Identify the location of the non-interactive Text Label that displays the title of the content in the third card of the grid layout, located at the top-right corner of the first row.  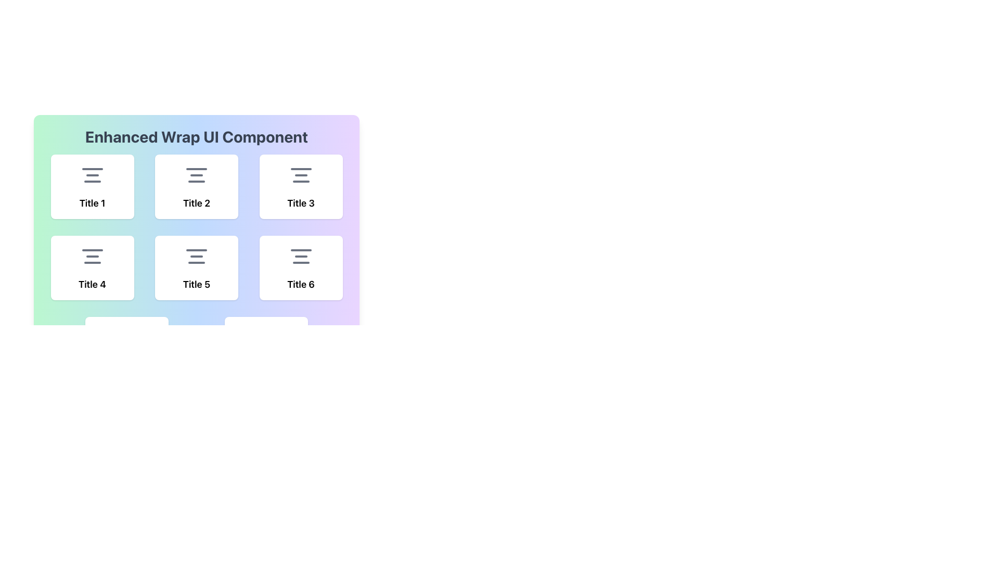
(300, 203).